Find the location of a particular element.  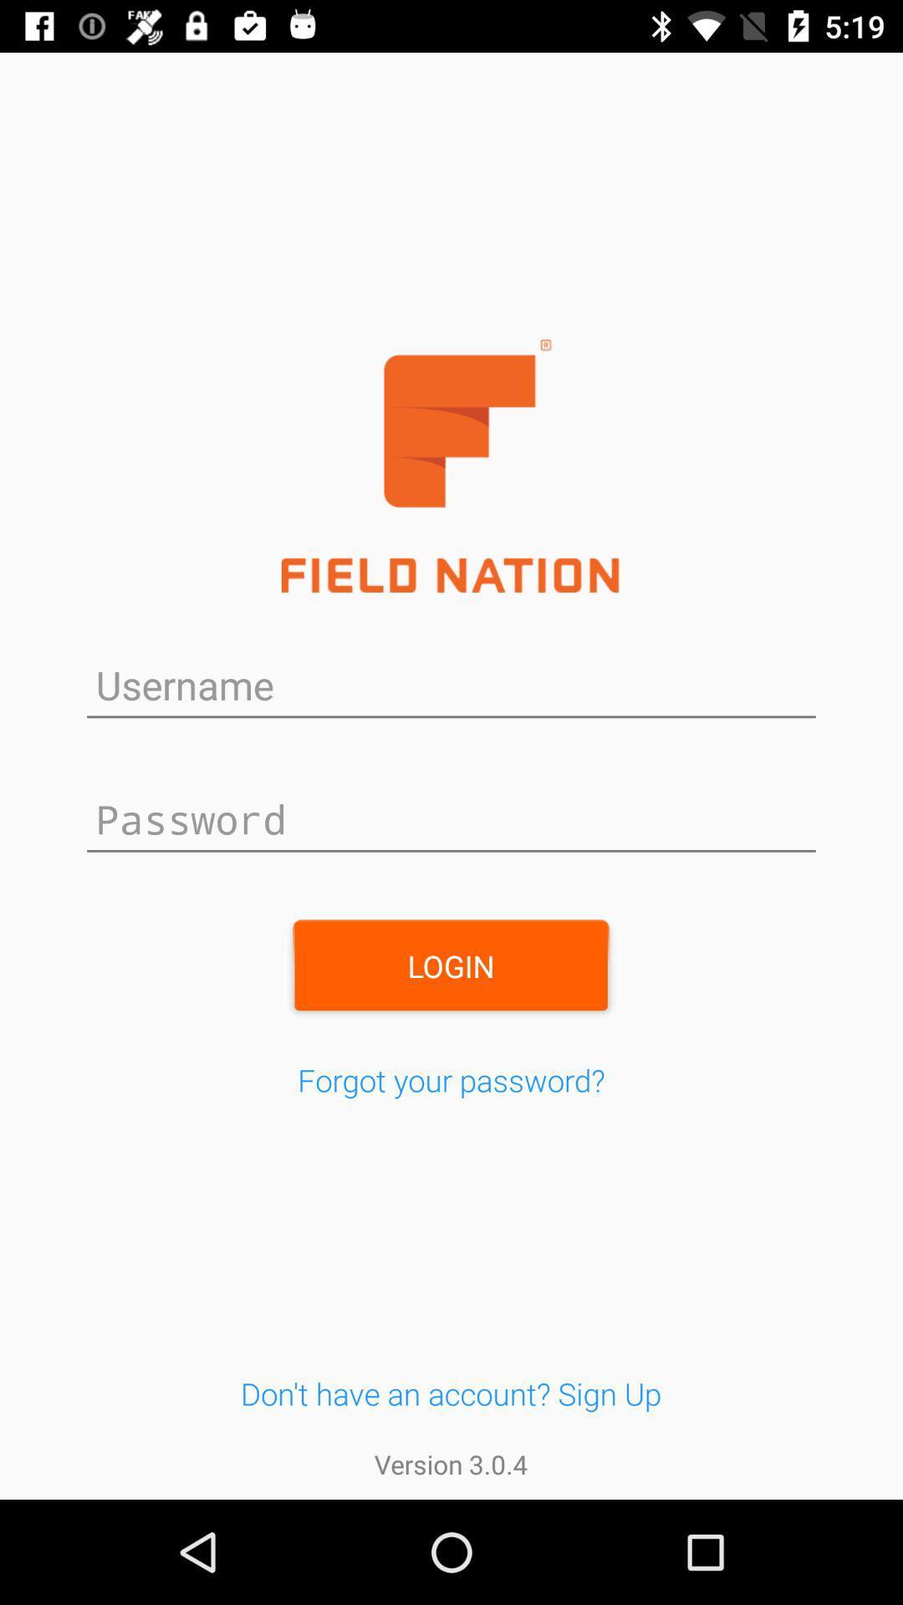

the item above the don t have item is located at coordinates (451, 1080).